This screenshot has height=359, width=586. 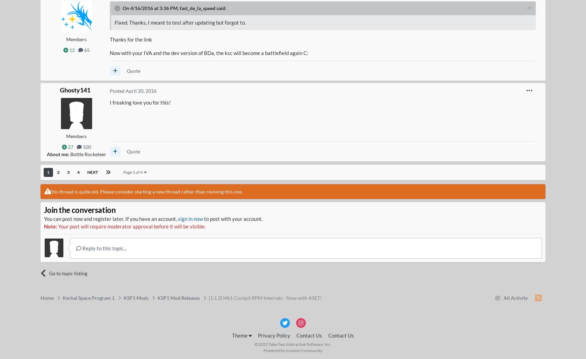 I want to click on 'Next', so click(x=87, y=172).